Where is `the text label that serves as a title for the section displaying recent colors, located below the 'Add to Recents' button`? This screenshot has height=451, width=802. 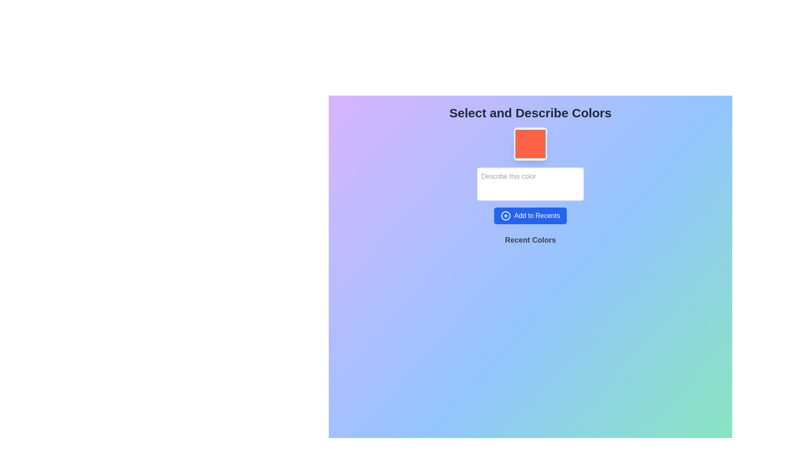 the text label that serves as a title for the section displaying recent colors, located below the 'Add to Recents' button is located at coordinates (530, 240).